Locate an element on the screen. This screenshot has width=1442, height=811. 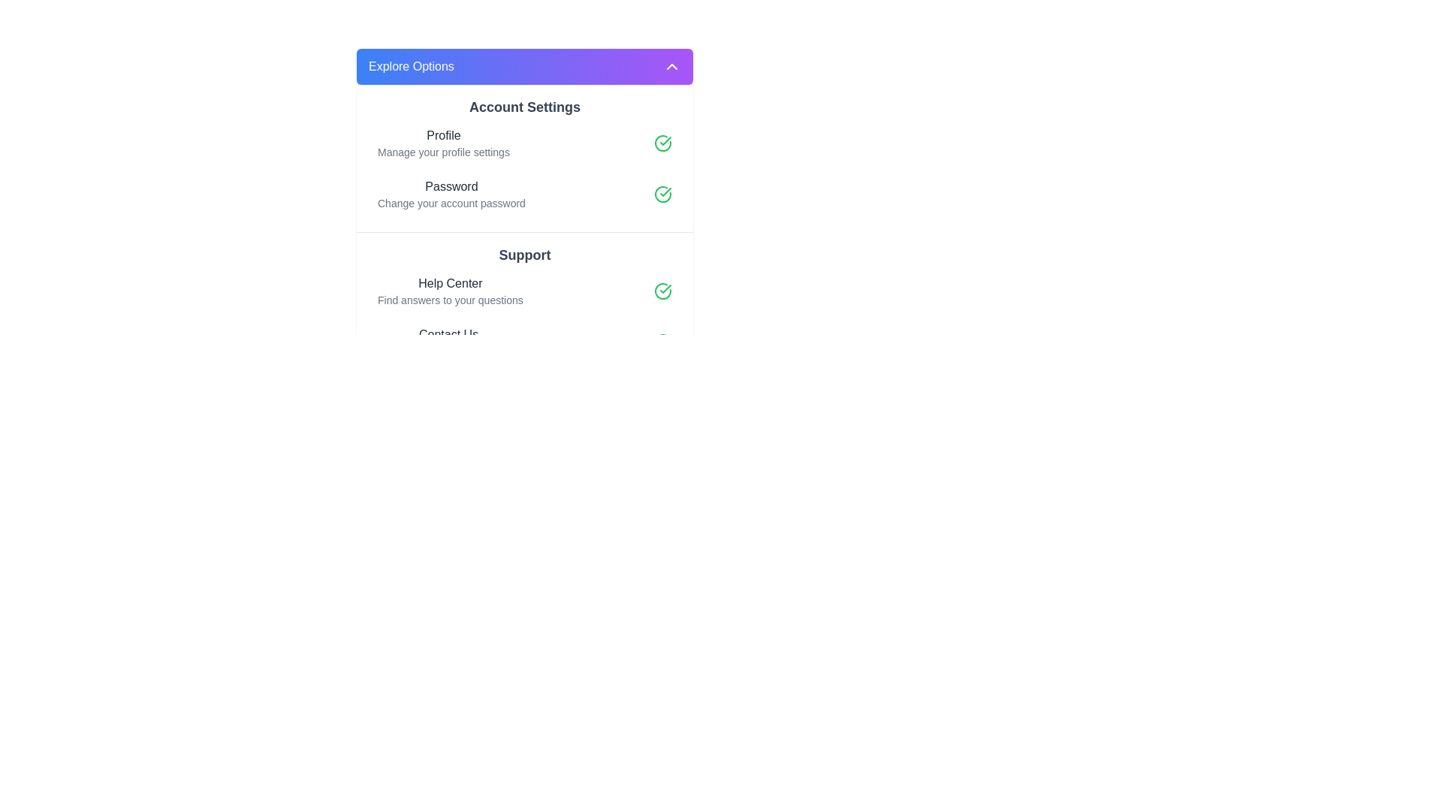
the 'Help Center' and 'Contact Us' options within the 'Support' section is located at coordinates (525, 315).